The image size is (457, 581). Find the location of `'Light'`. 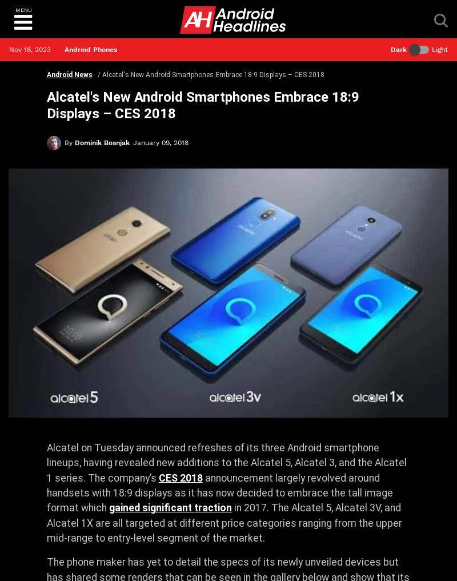

'Light' is located at coordinates (439, 49).